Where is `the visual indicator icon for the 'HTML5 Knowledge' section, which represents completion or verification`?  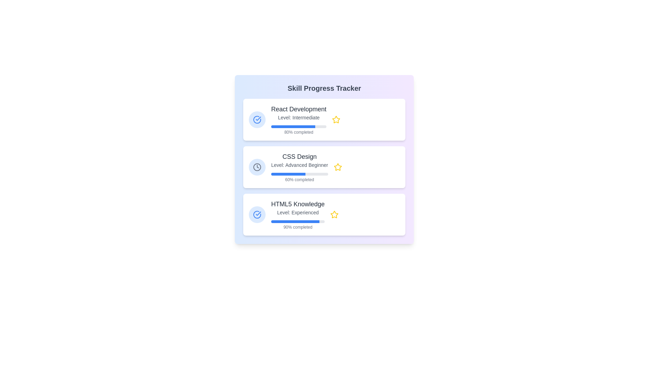 the visual indicator icon for the 'HTML5 Knowledge' section, which represents completion or verification is located at coordinates (257, 214).